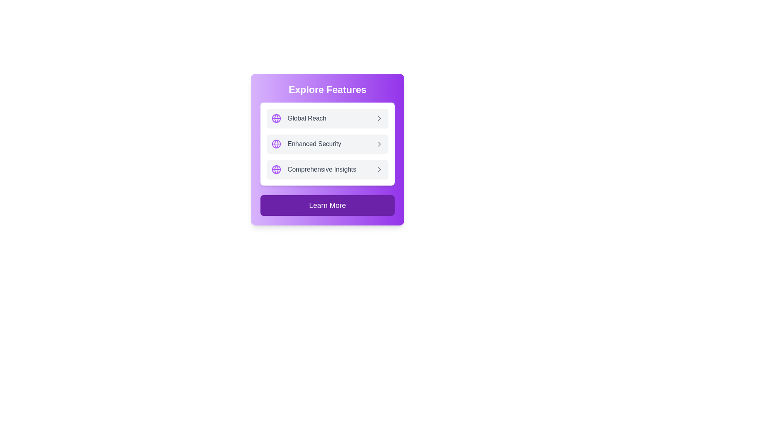 This screenshot has height=431, width=767. Describe the element at coordinates (276, 119) in the screenshot. I see `the purple circular vector graphic representing the 'Global Reach' feature, located in the first row of the vertical features list` at that location.